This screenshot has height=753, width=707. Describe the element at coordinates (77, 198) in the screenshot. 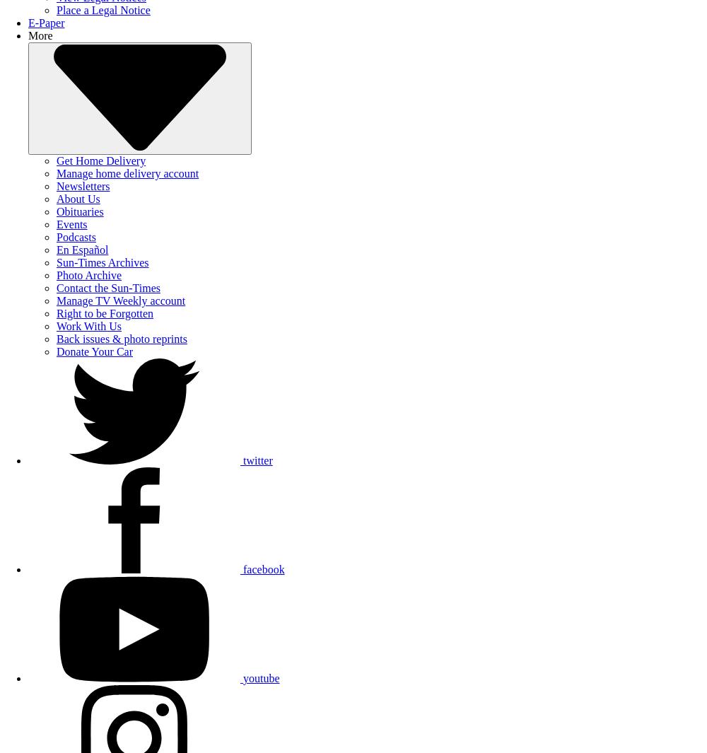

I see `'About Us'` at that location.